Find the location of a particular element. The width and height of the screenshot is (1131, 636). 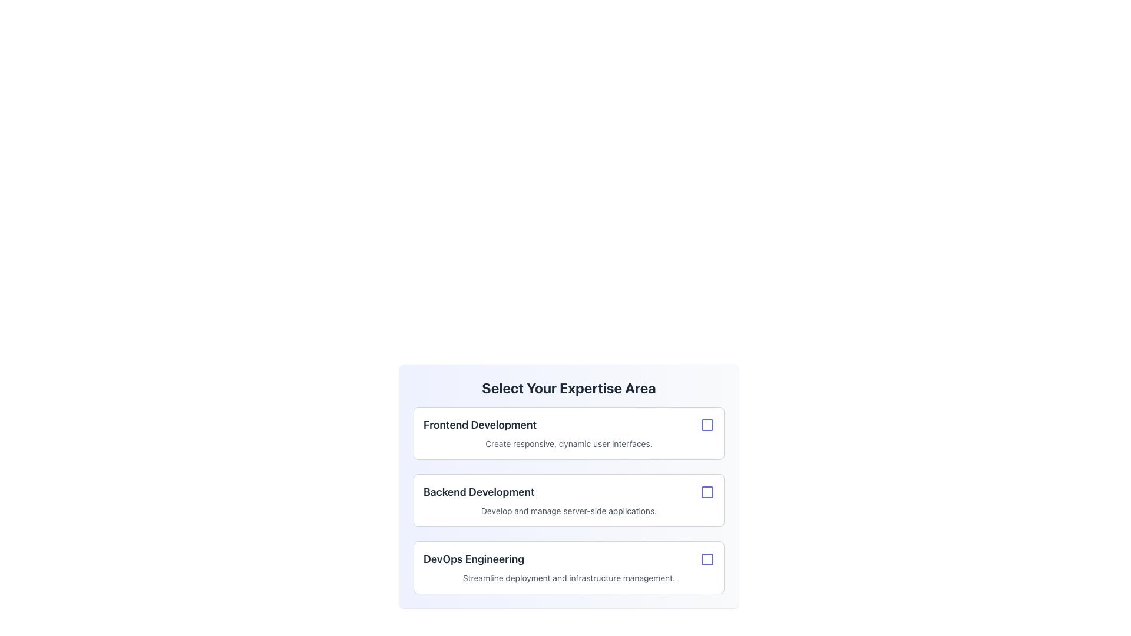

text providing a description for the category 'Frontend Development', located below the heading in the first card of the vertical stack of expertise areas is located at coordinates (568, 443).